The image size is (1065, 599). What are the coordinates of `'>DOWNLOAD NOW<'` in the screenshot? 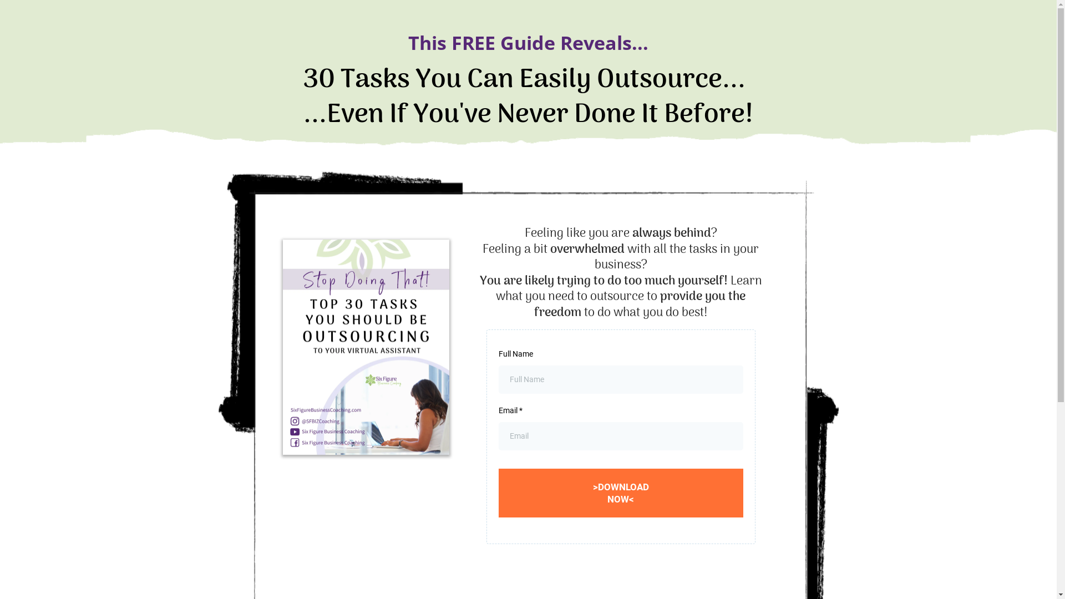 It's located at (620, 492).